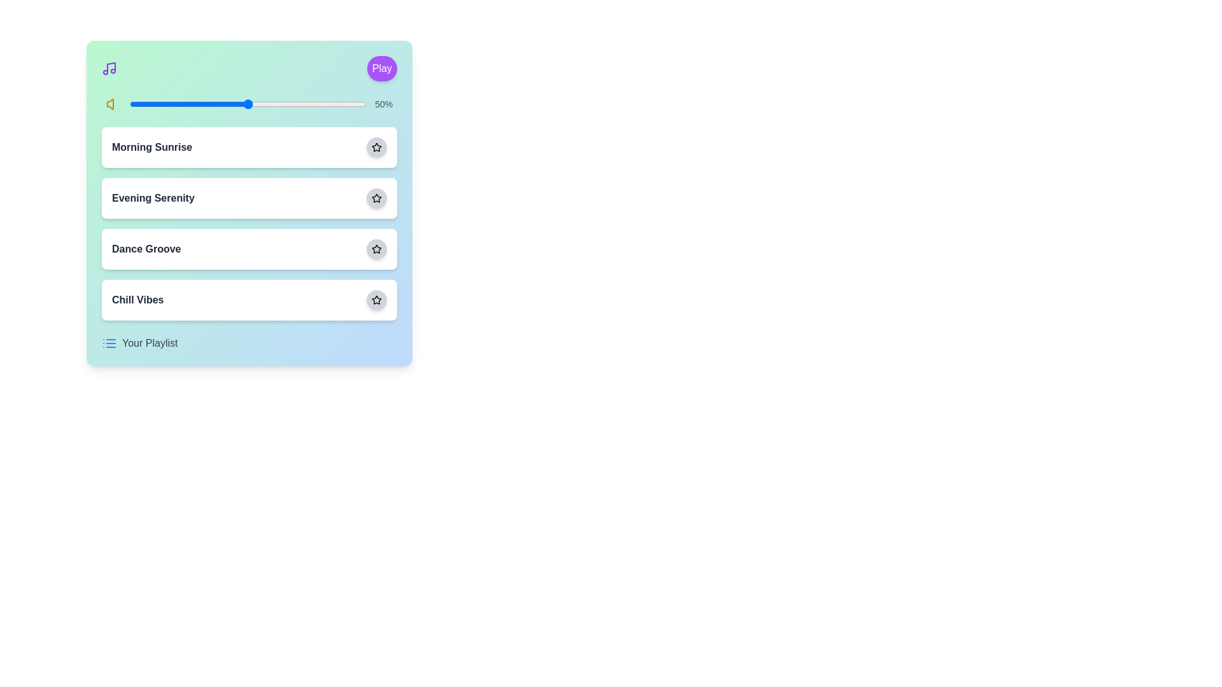  Describe the element at coordinates (253, 104) in the screenshot. I see `the slider` at that location.